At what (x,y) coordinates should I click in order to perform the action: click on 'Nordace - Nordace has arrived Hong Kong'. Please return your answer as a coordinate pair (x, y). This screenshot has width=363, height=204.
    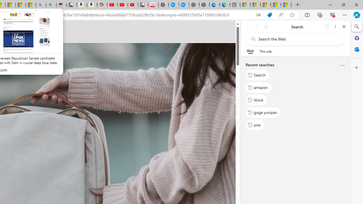
    Looking at the image, I should click on (204, 5).